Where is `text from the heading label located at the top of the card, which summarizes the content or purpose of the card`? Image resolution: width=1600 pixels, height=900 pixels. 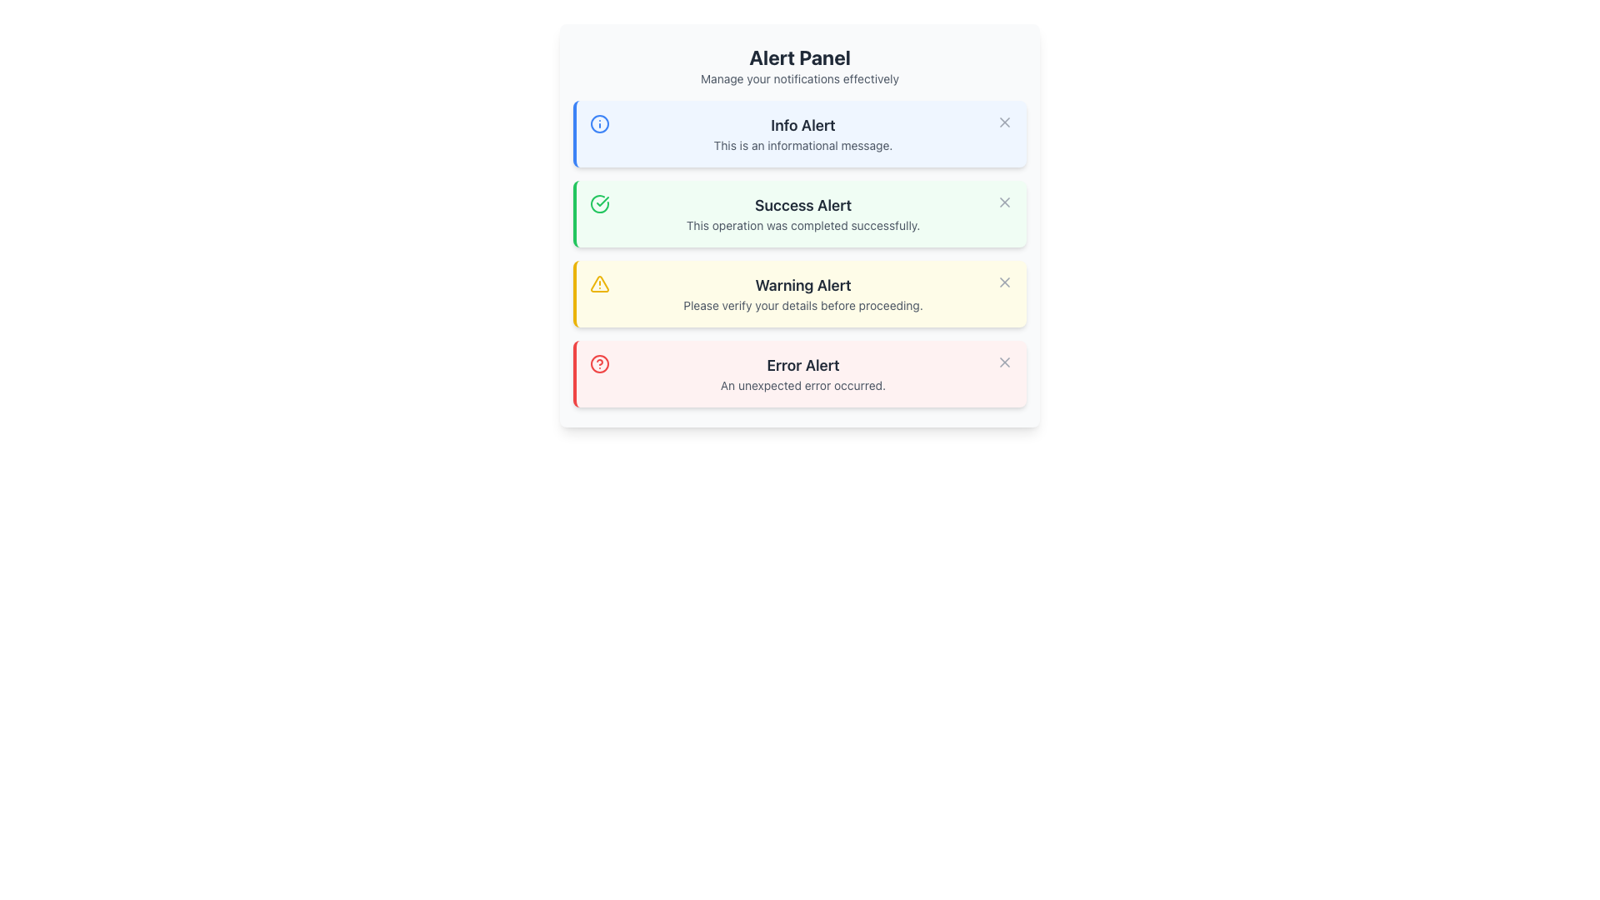
text from the heading label located at the top of the card, which summarizes the content or purpose of the card is located at coordinates (803, 124).